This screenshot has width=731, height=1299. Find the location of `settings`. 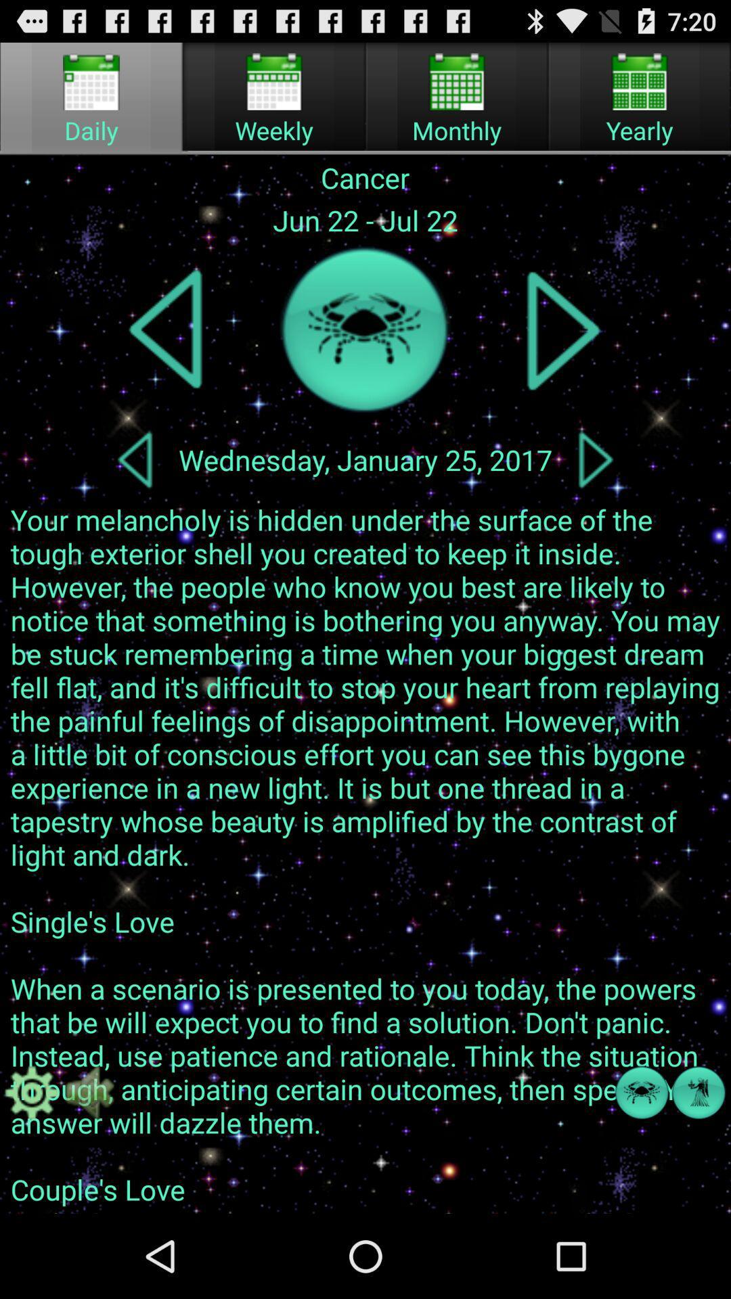

settings is located at coordinates (31, 1093).